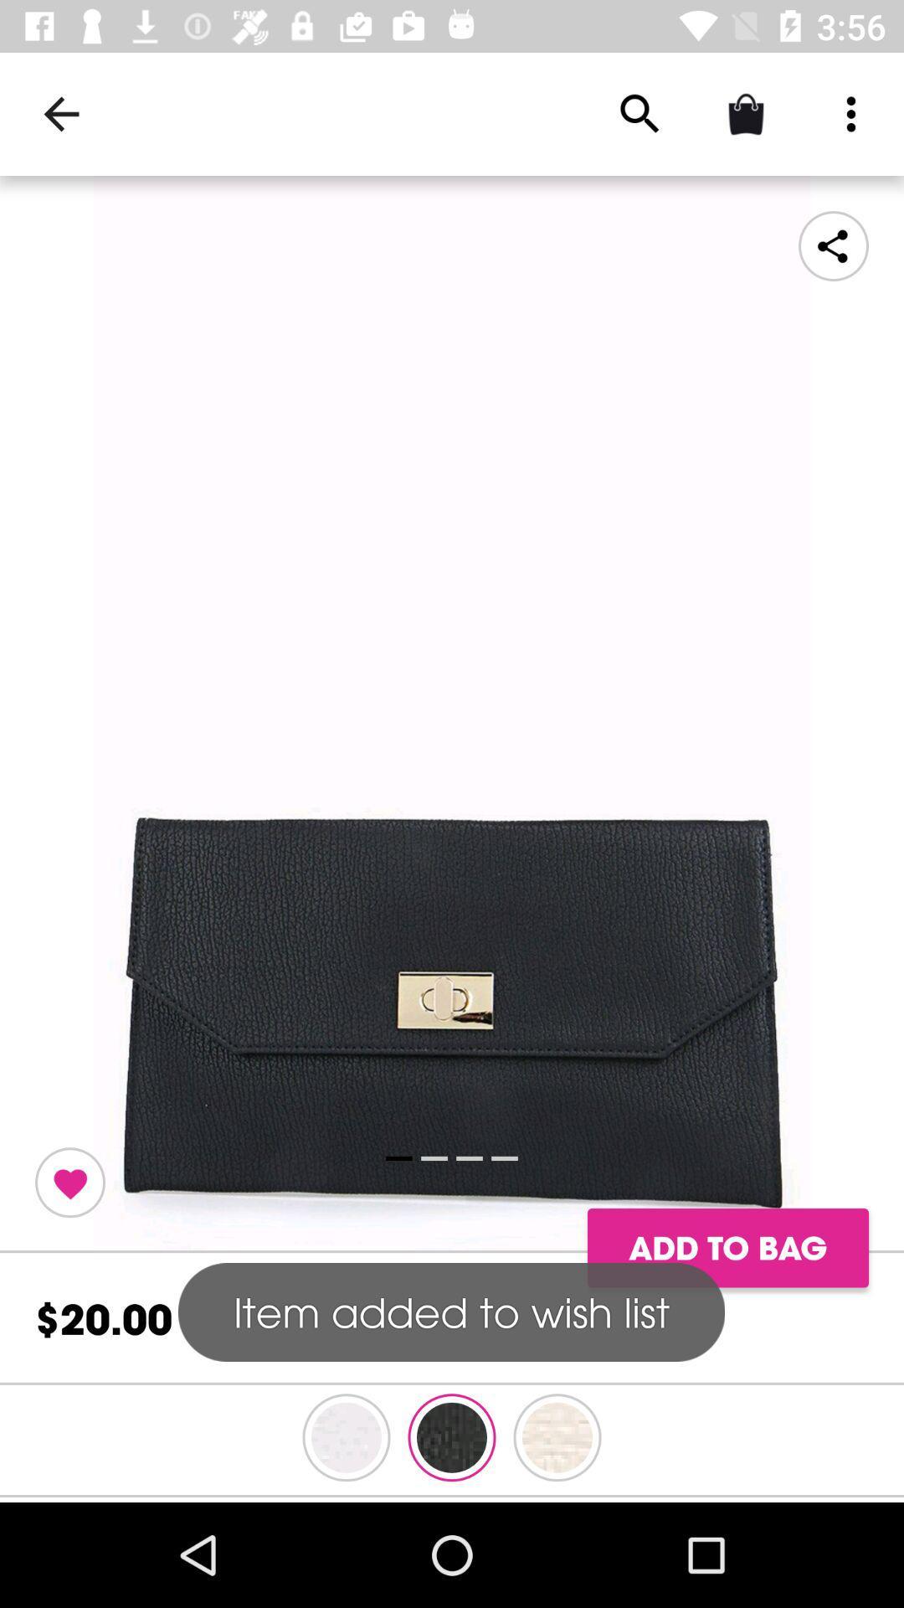  What do you see at coordinates (452, 714) in the screenshot?
I see `enlarge picture` at bounding box center [452, 714].